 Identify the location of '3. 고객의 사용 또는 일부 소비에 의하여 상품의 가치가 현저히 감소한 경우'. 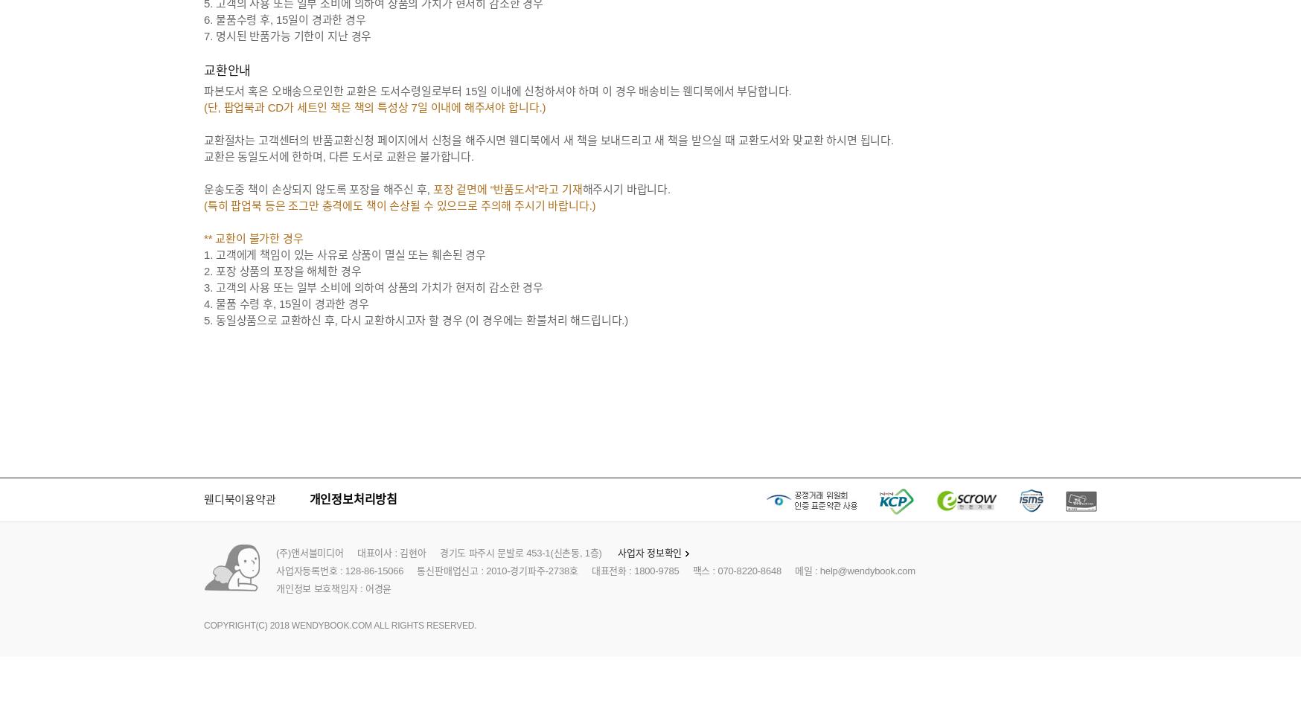
(372, 286).